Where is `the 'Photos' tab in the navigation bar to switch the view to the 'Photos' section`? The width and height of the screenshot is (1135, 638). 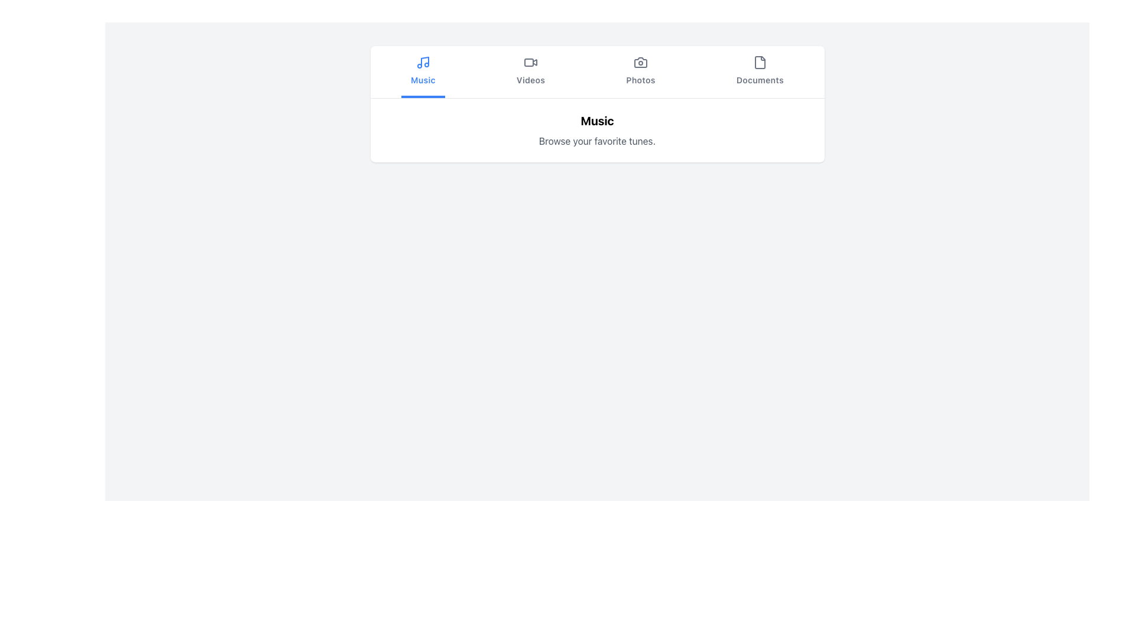
the 'Photos' tab in the navigation bar to switch the view to the 'Photos' section is located at coordinates (640, 72).